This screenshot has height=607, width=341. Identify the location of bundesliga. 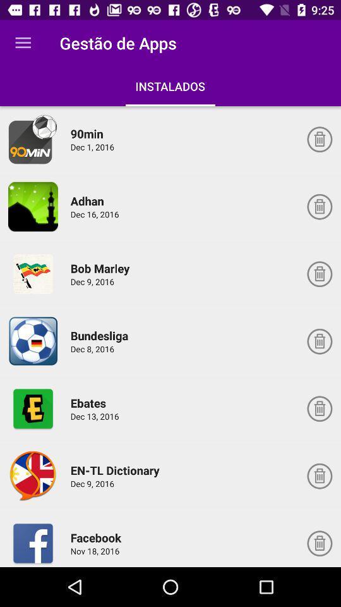
(100, 334).